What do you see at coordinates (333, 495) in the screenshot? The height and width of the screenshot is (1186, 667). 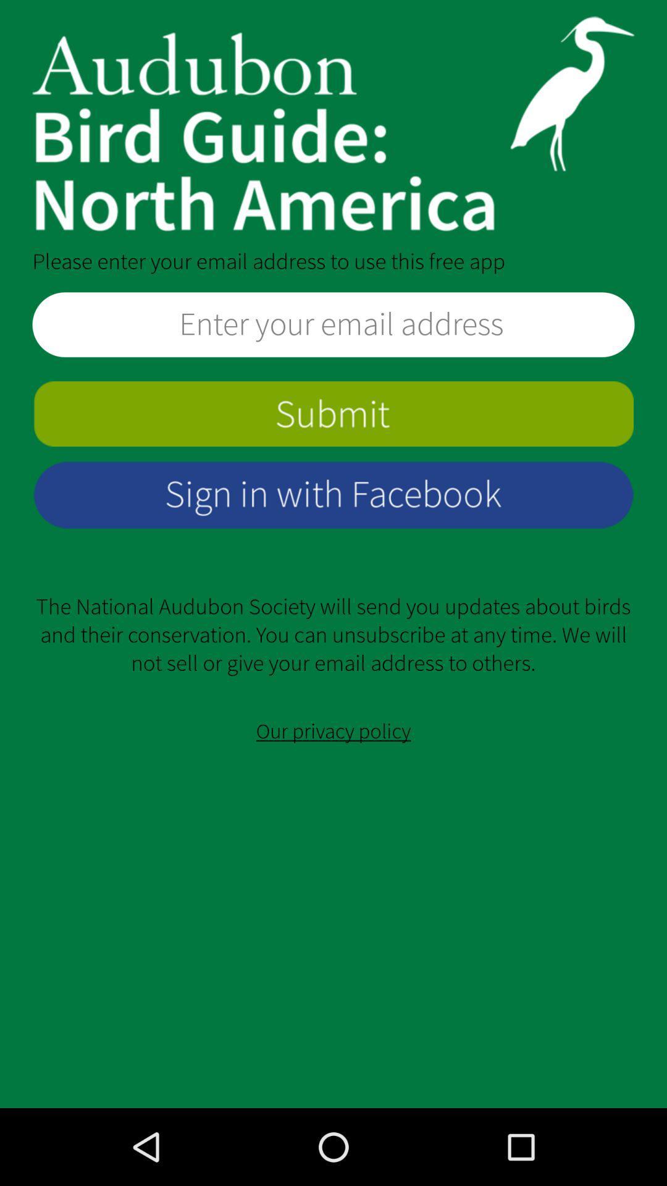 I see `sign in with facebook` at bounding box center [333, 495].